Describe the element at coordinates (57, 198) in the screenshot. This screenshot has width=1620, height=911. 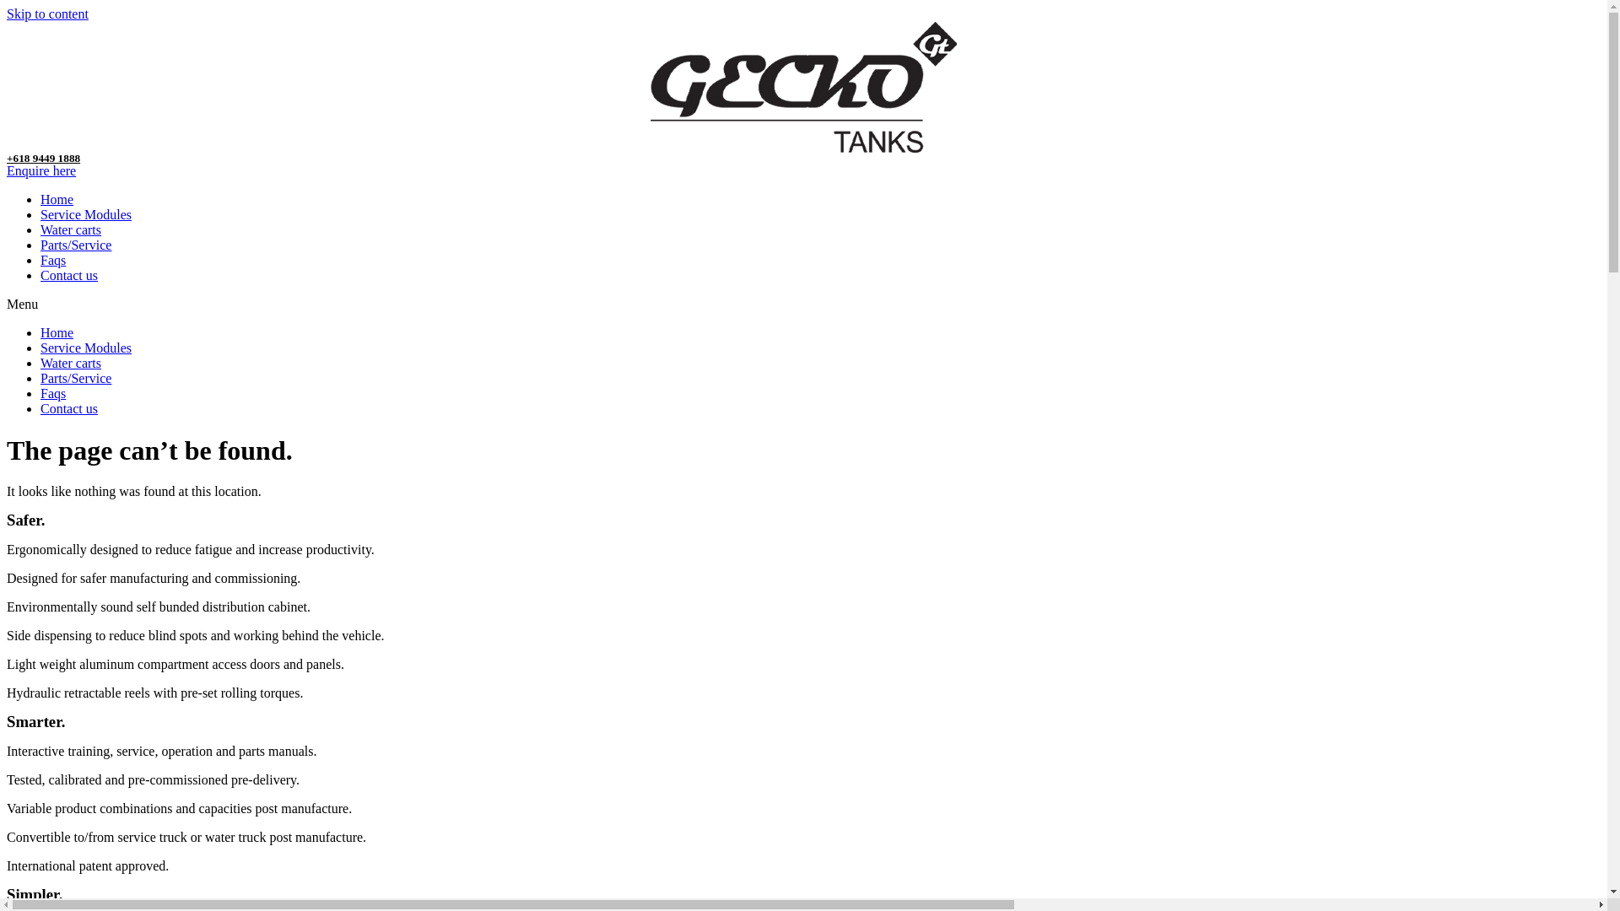
I see `'Home'` at that location.